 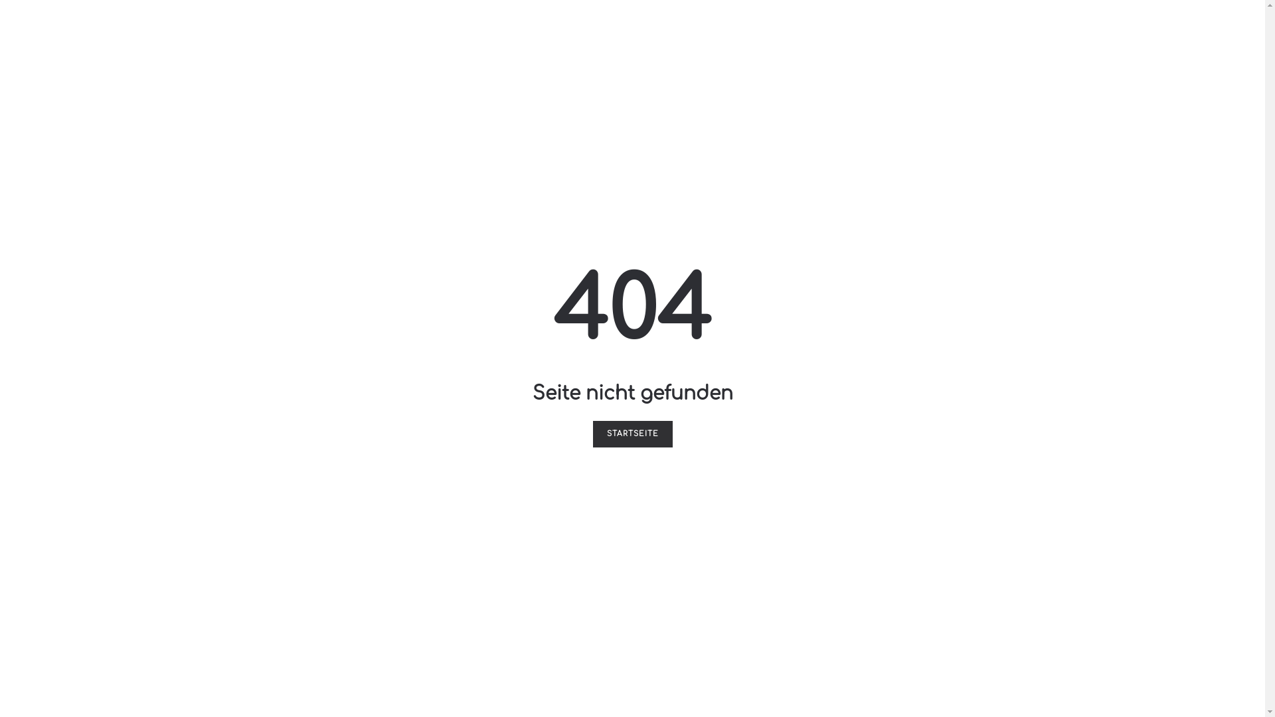 I want to click on 'STARTSEITE', so click(x=592, y=434).